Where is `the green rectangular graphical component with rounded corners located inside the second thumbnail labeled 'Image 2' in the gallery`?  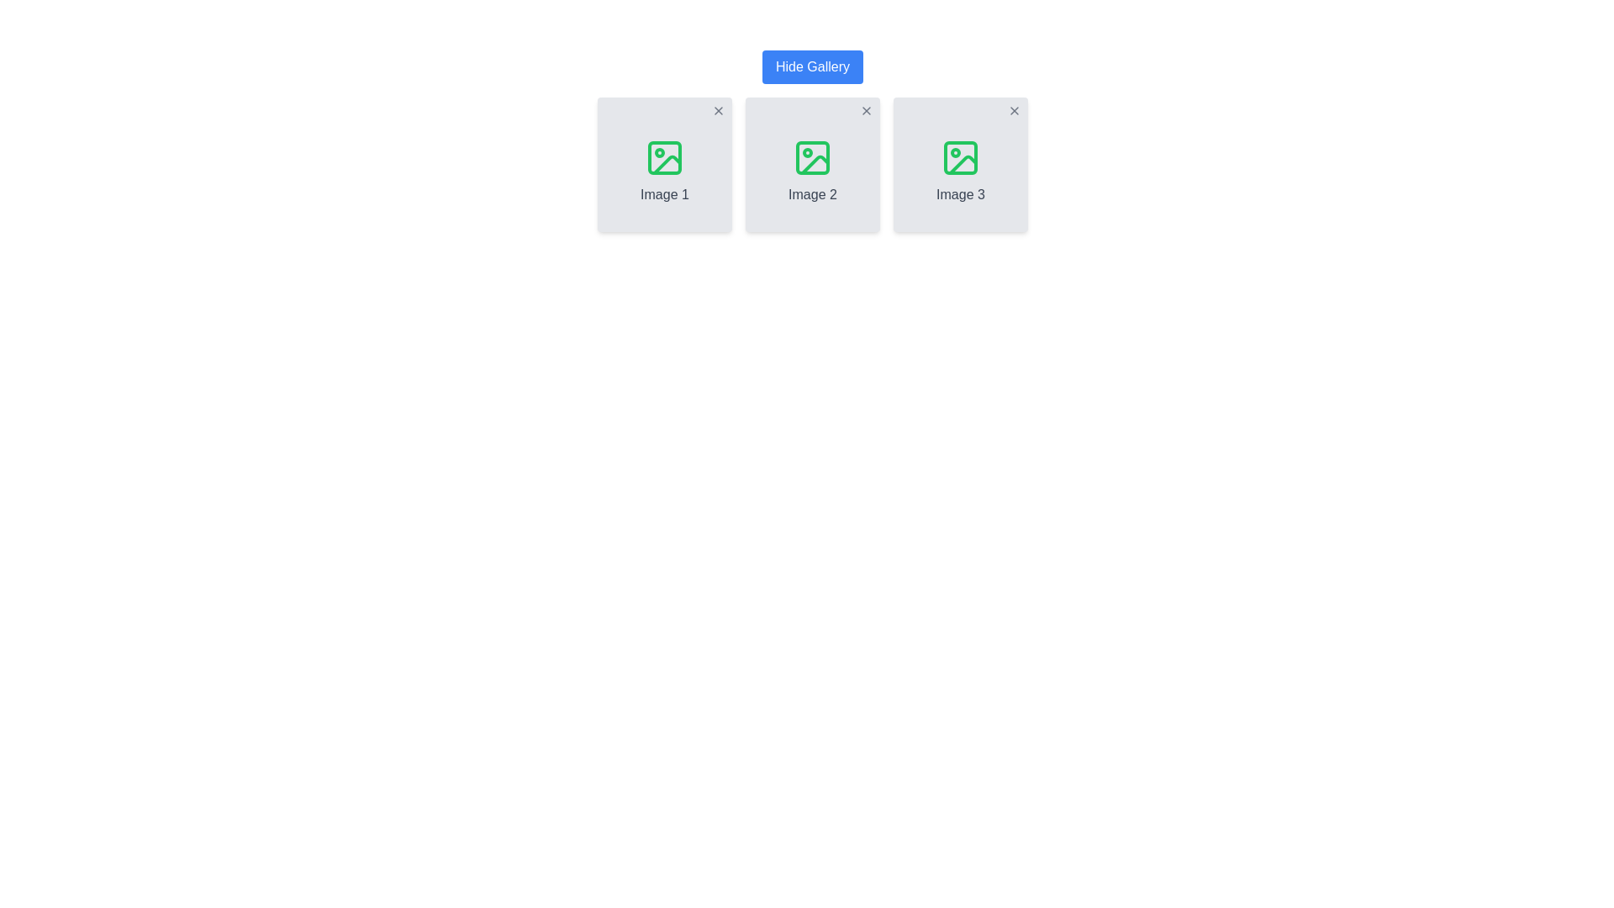 the green rectangular graphical component with rounded corners located inside the second thumbnail labeled 'Image 2' in the gallery is located at coordinates (812, 158).